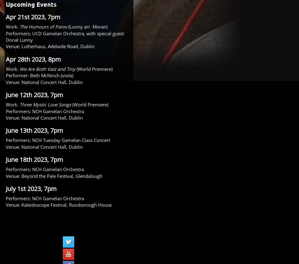 The height and width of the screenshot is (264, 299). I want to click on 'June 18th 2023, 7pm', so click(34, 159).